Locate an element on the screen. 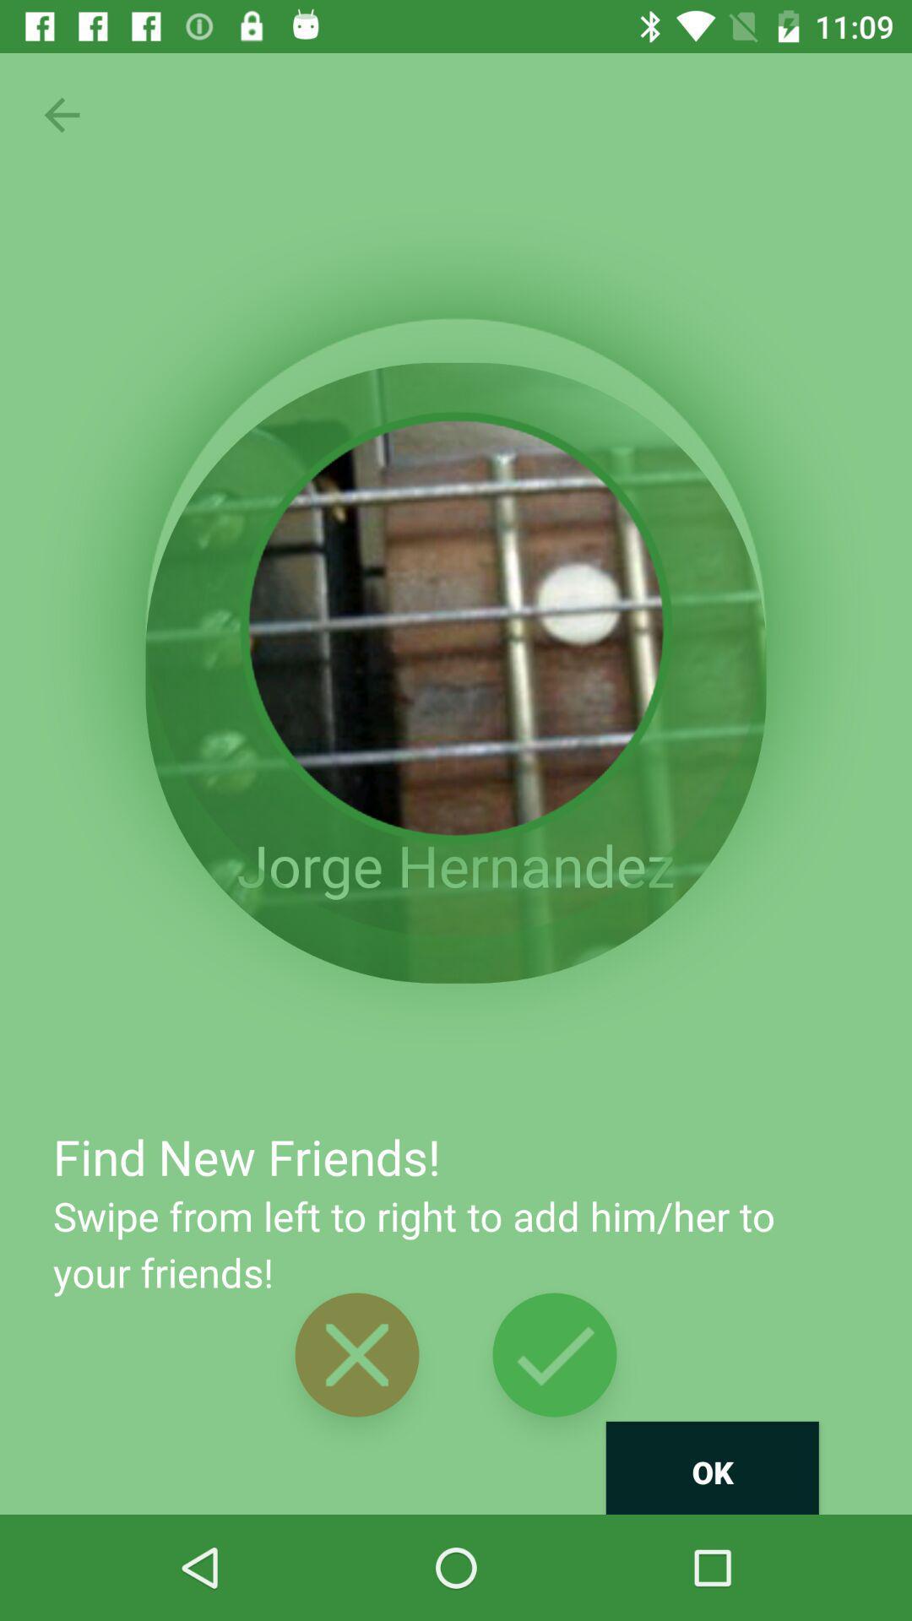 The width and height of the screenshot is (912, 1621). the button is used to closed delete option is located at coordinates (356, 1354).